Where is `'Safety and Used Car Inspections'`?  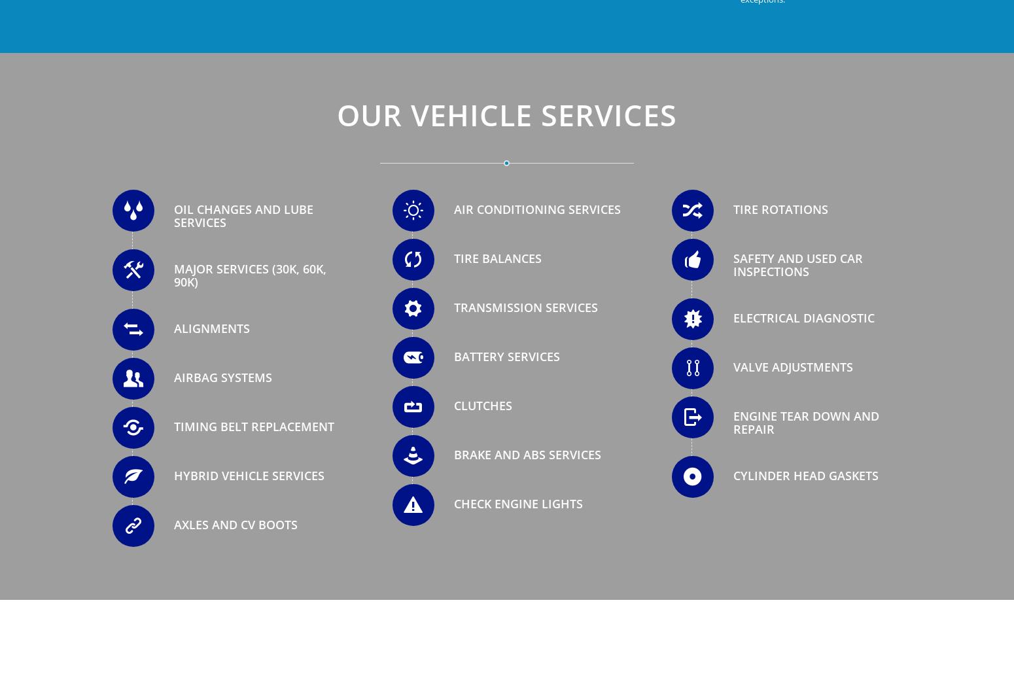
'Safety and Used Car Inspections' is located at coordinates (798, 264).